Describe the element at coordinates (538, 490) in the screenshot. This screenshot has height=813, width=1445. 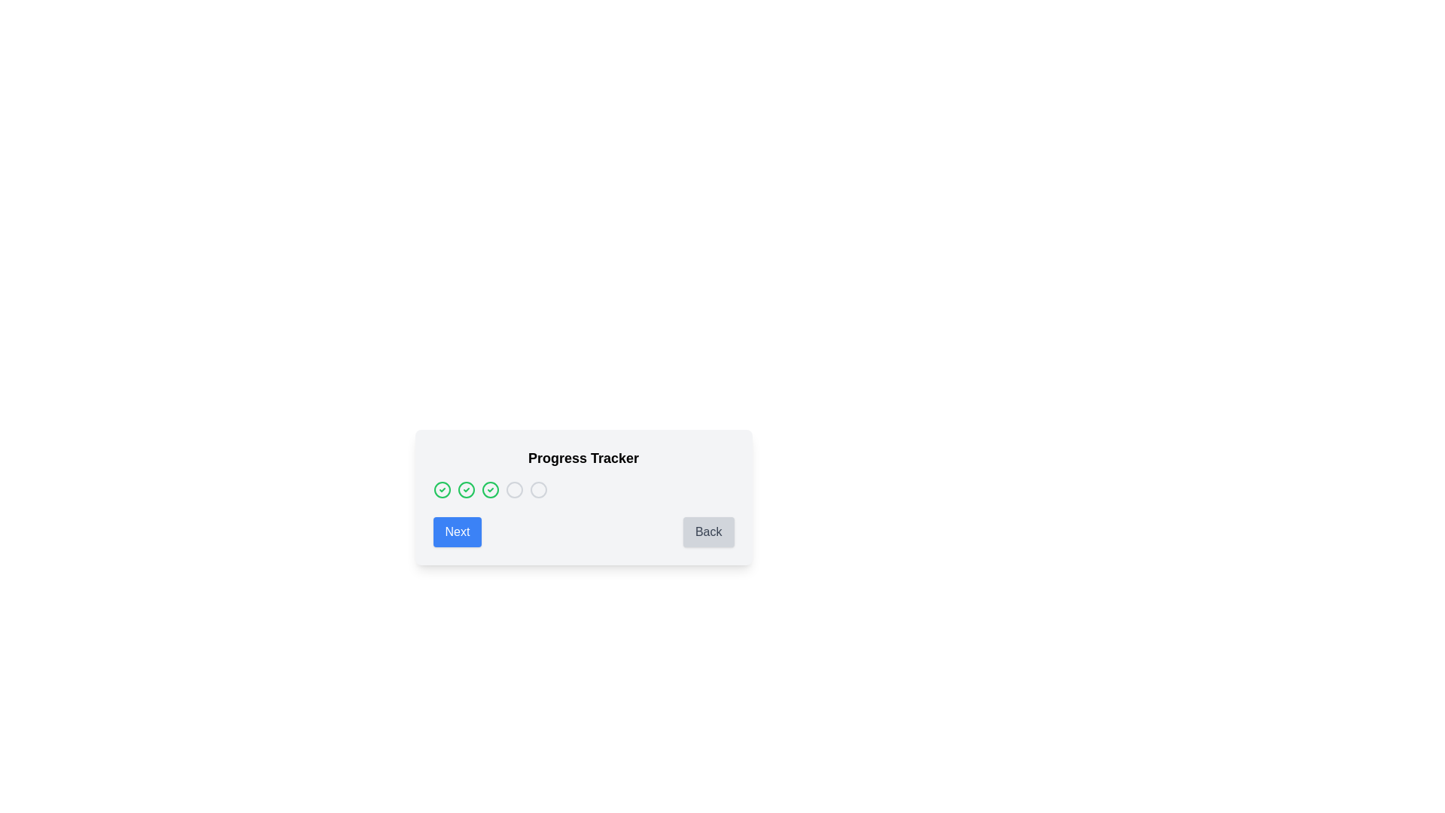
I see `the status represented by the fifth circular Progress Stage Indicator in the progress tracker layout` at that location.